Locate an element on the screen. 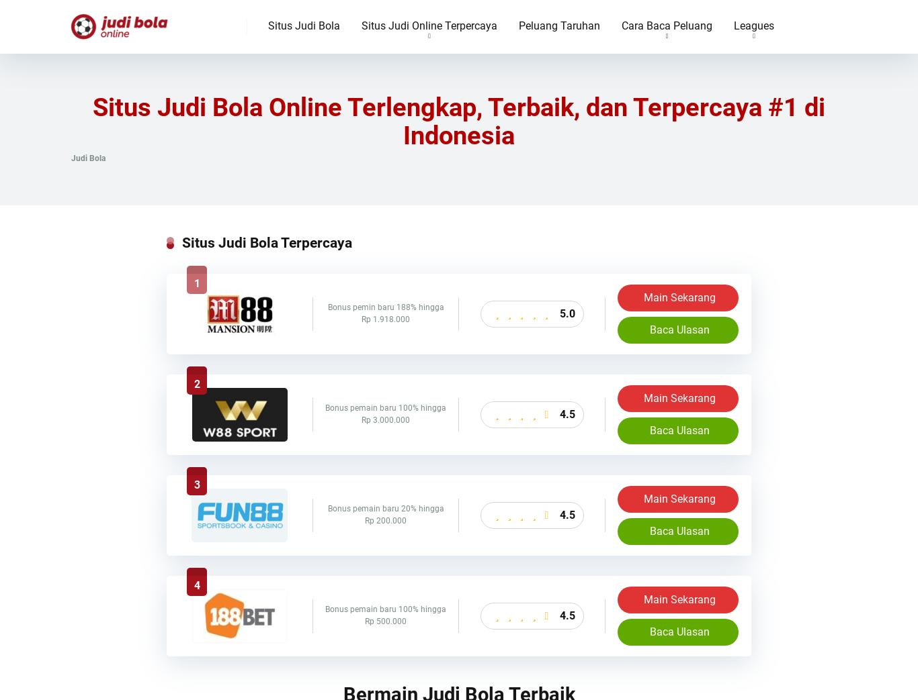 This screenshot has height=700, width=918. 'Bonus pemain baru 20% hingga Rp 200.000' is located at coordinates (384, 513).